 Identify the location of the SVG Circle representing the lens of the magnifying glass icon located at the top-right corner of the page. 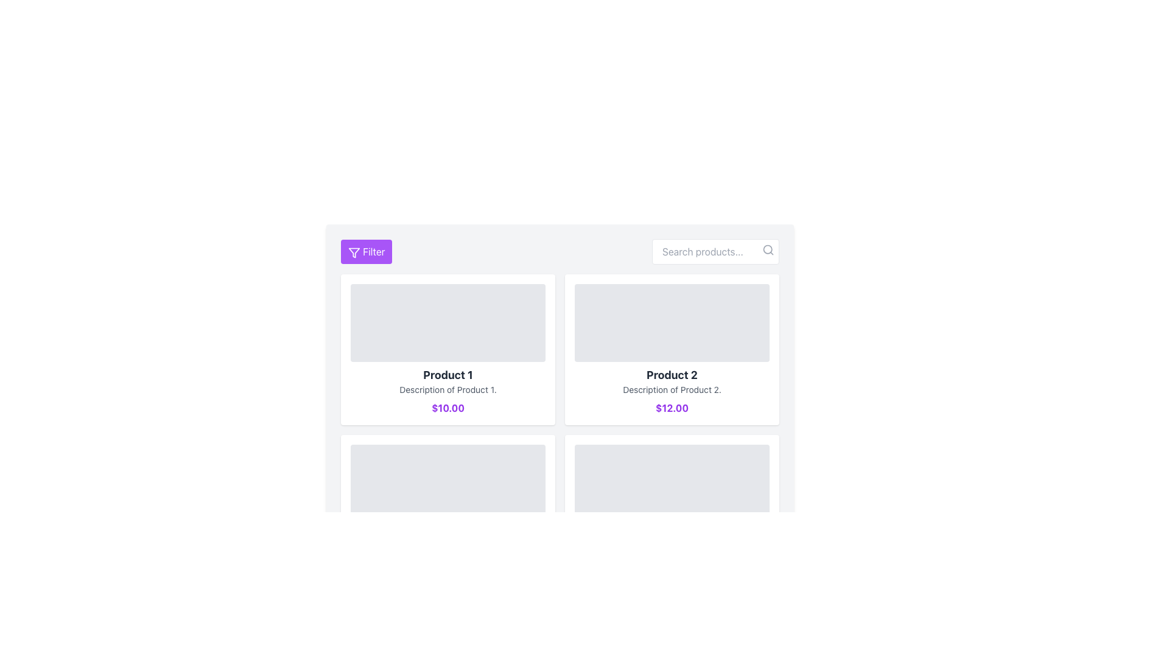
(767, 249).